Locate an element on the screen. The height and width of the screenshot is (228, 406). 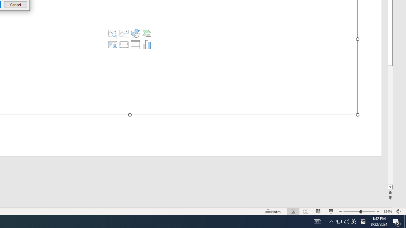
'Insert Table' is located at coordinates (135, 44).